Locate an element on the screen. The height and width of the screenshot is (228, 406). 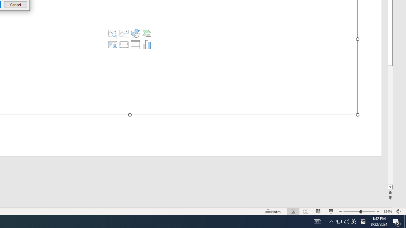
'Insert Table' is located at coordinates (135, 44).